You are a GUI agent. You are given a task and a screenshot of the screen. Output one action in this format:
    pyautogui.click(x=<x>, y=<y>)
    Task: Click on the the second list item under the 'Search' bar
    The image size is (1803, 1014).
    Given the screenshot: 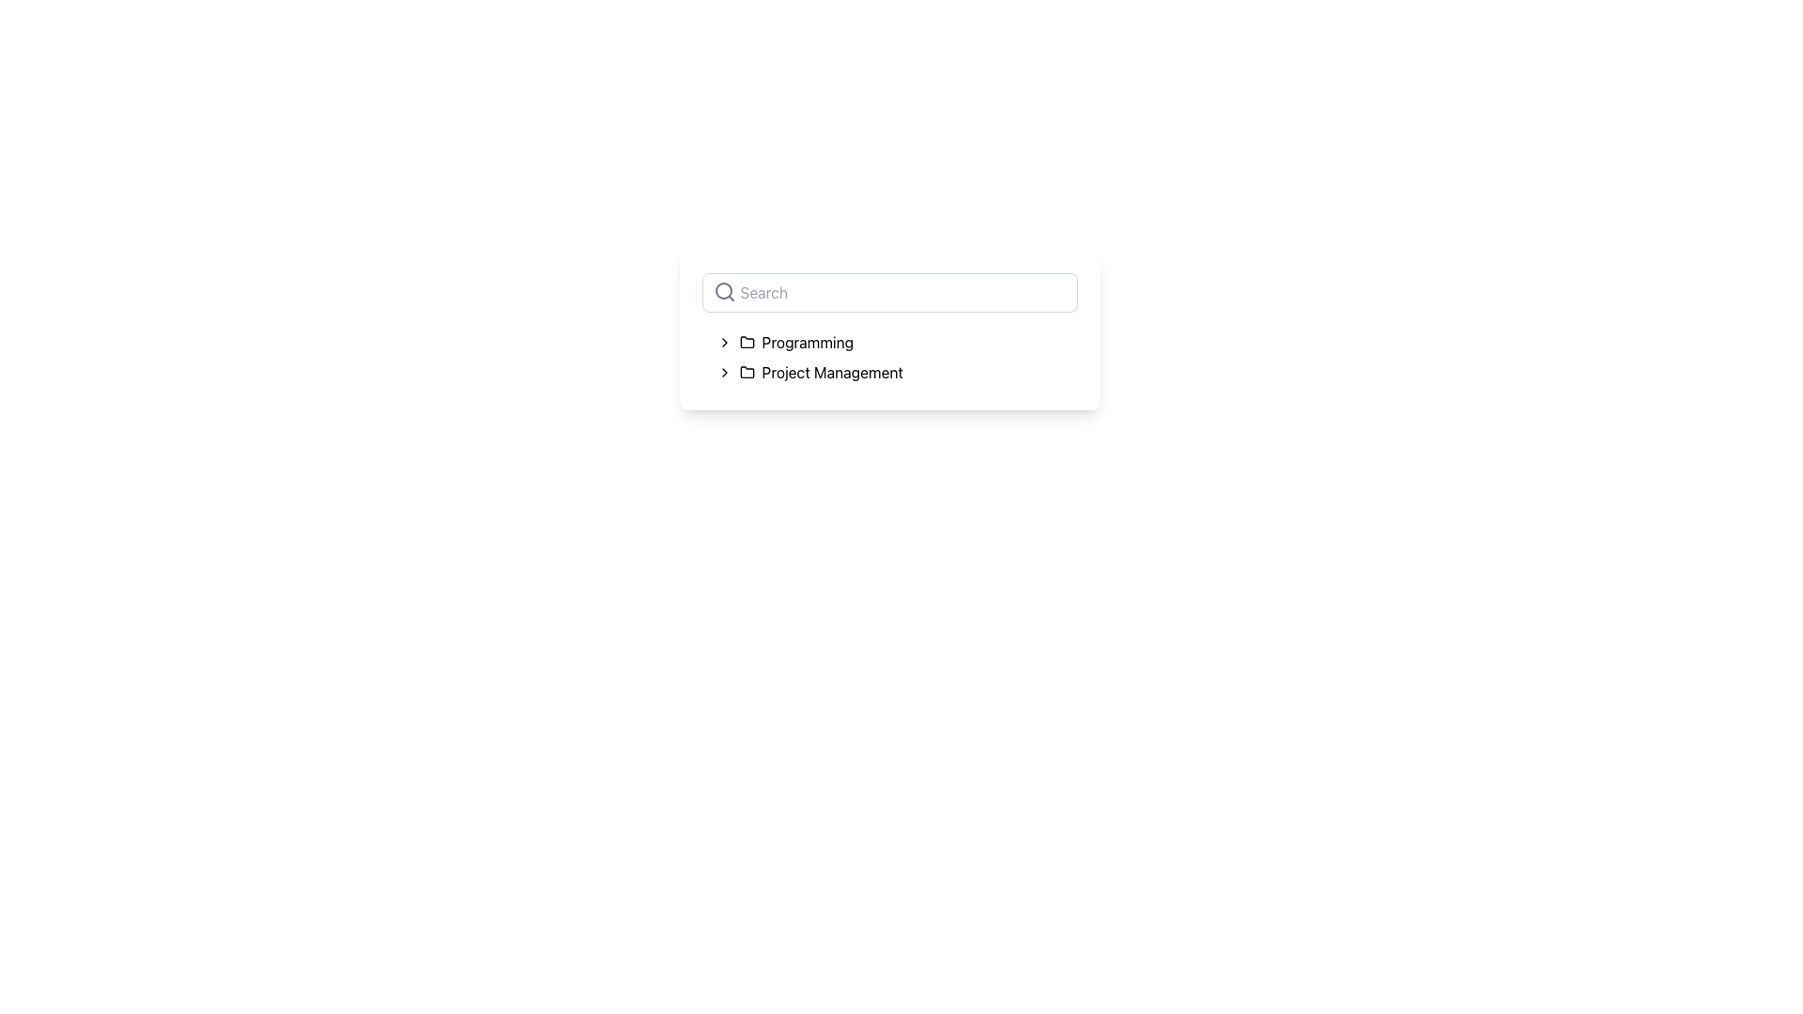 What is the action you would take?
    pyautogui.click(x=821, y=373)
    